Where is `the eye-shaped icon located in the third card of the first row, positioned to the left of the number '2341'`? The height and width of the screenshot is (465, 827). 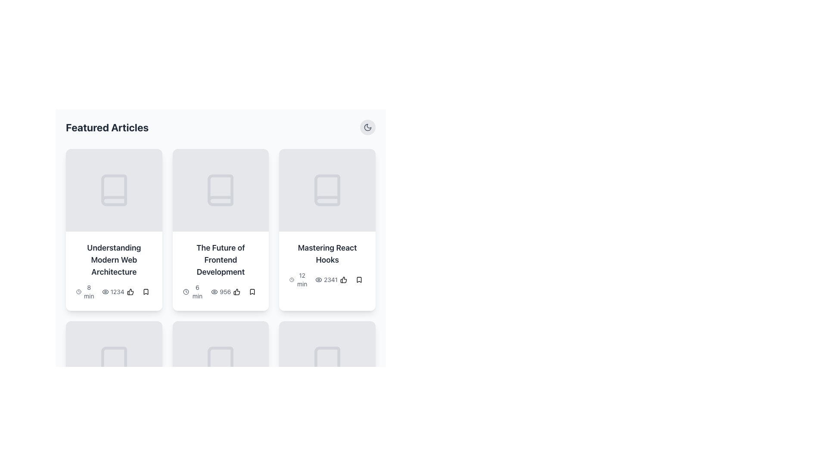 the eye-shaped icon located in the third card of the first row, positioned to the left of the number '2341' is located at coordinates (318, 280).